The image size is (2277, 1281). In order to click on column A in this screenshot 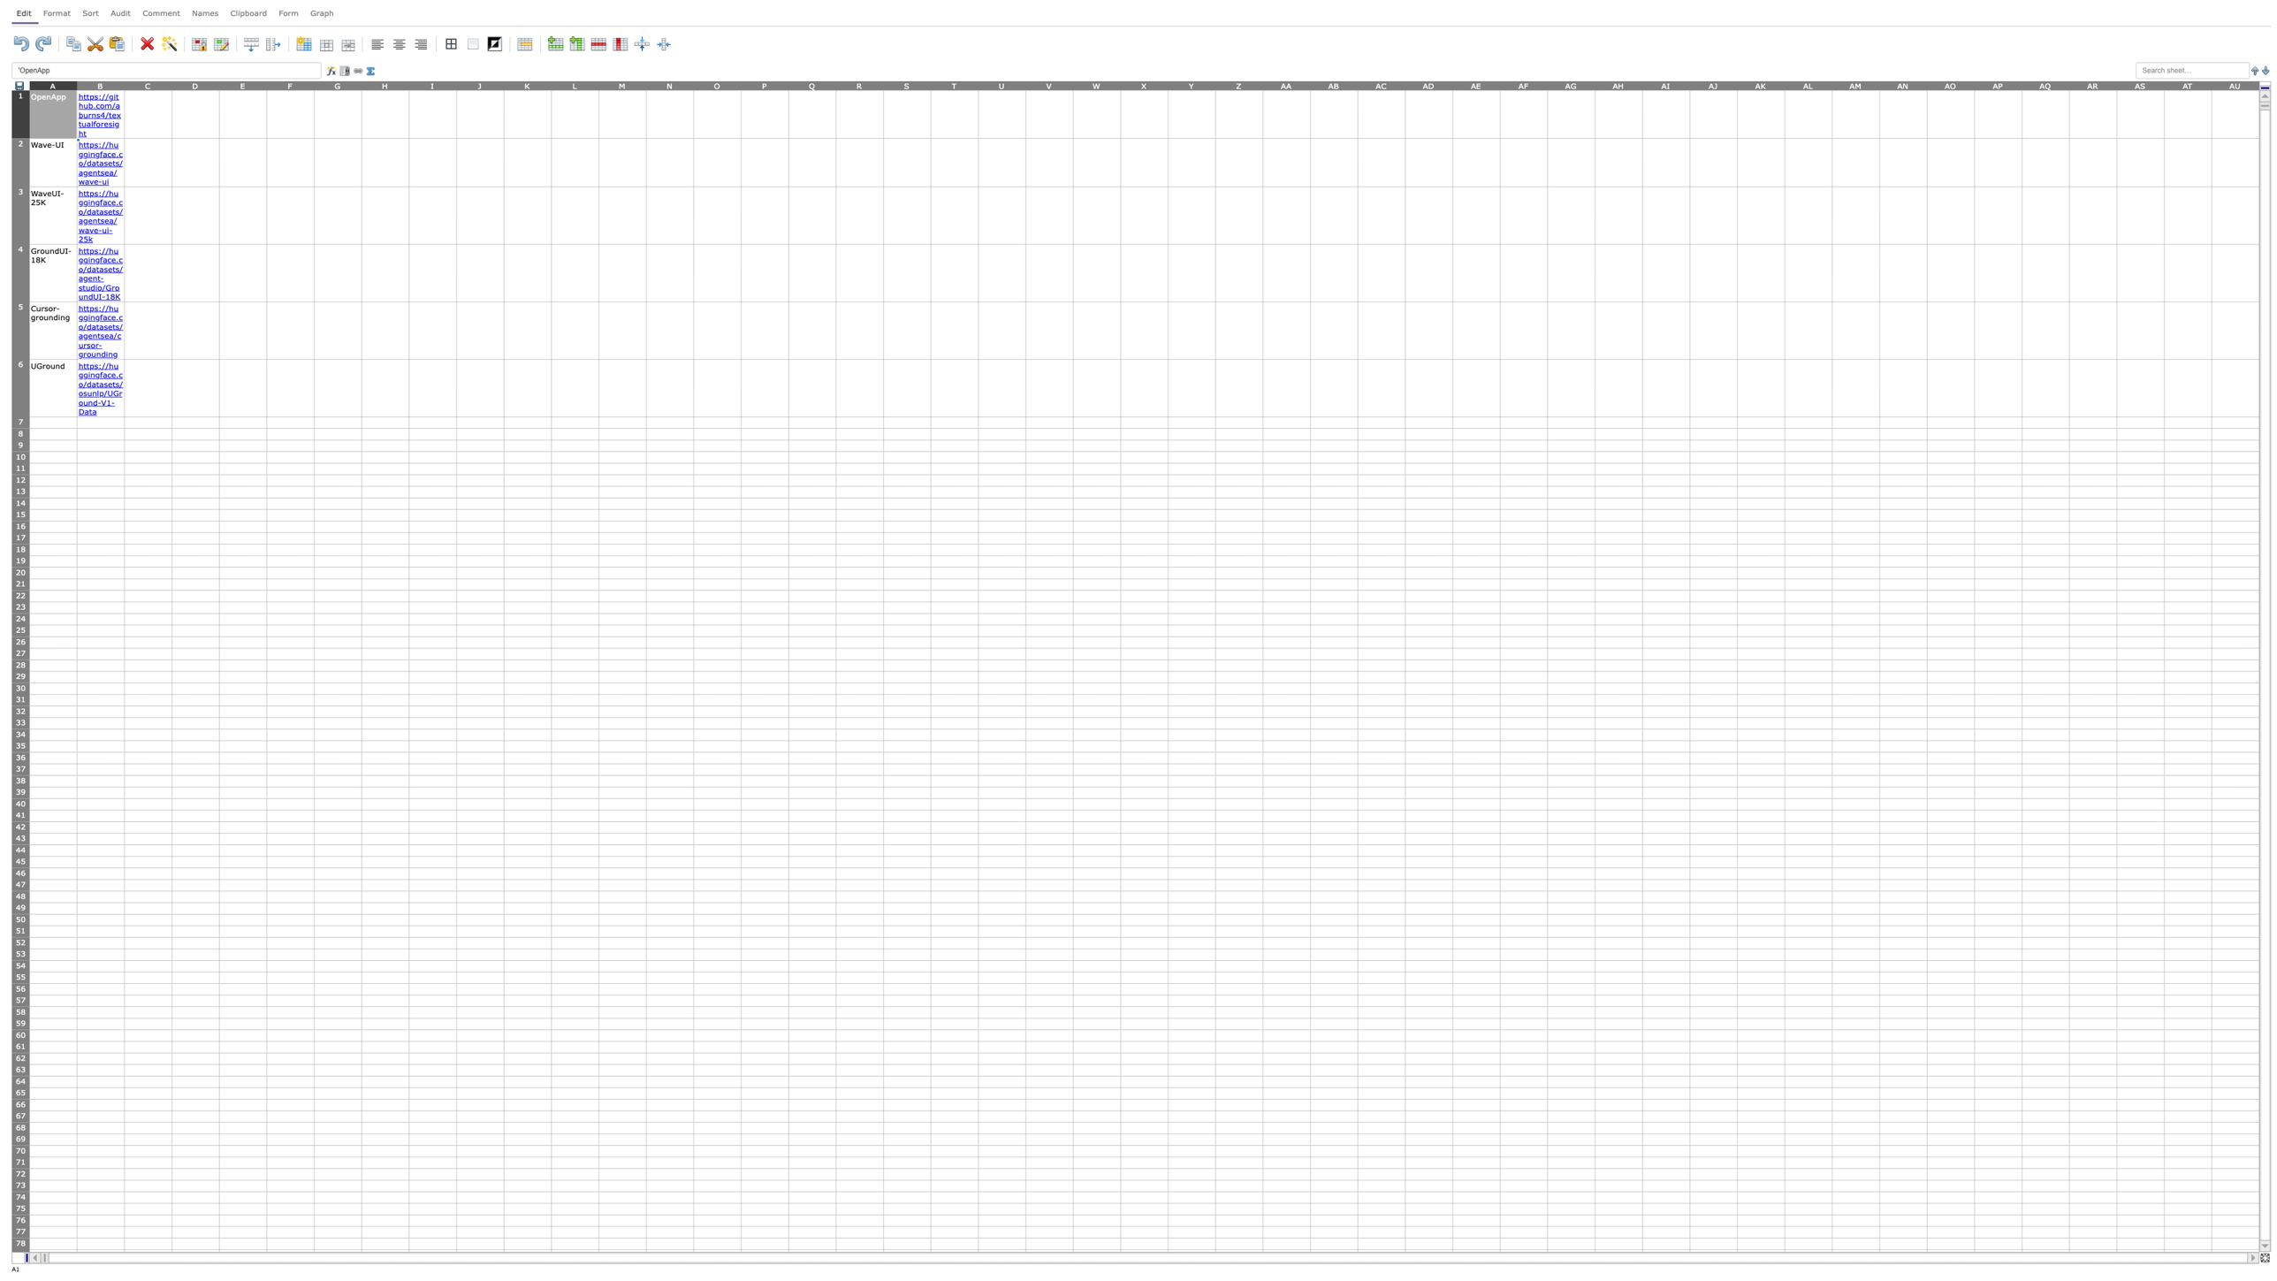, I will do `click(51, 84)`.